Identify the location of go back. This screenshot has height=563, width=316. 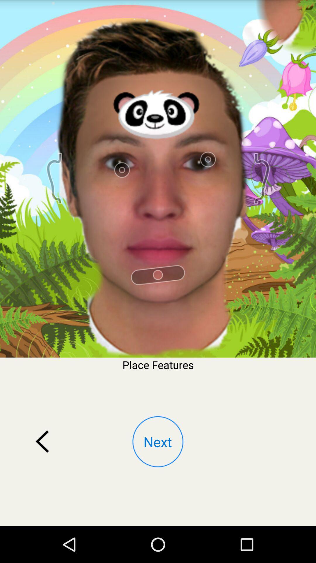
(42, 442).